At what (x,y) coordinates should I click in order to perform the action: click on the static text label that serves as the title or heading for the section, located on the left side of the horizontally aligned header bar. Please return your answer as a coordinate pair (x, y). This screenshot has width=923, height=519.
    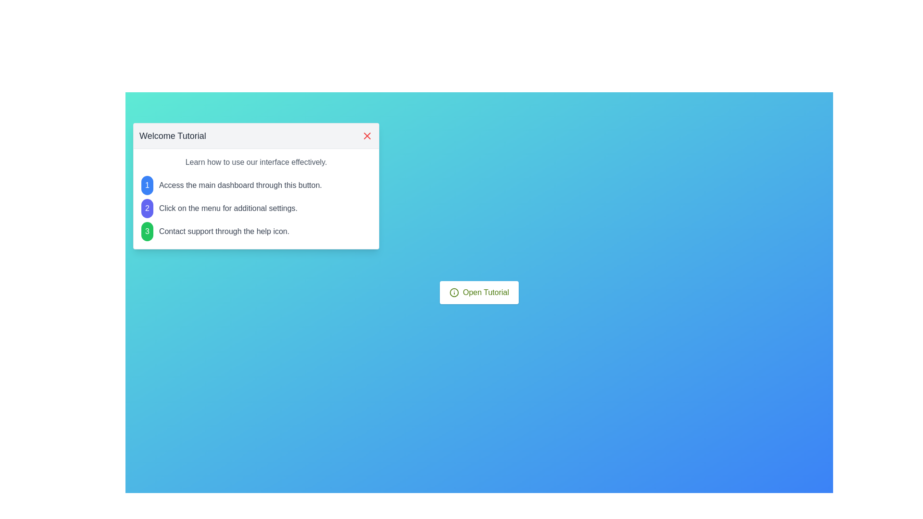
    Looking at the image, I should click on (173, 136).